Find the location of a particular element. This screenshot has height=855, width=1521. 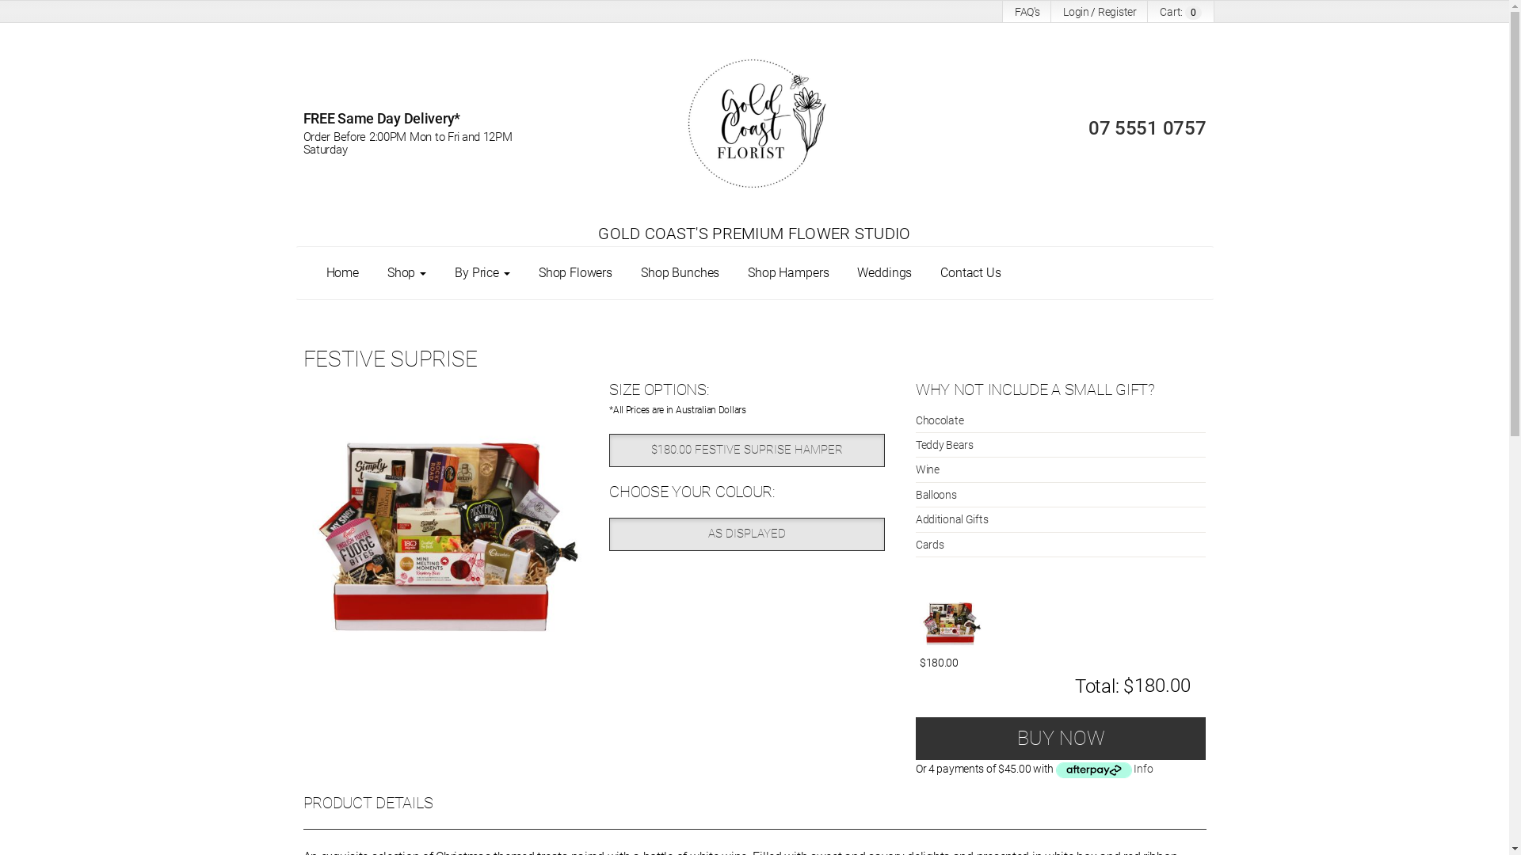

'Cart: 0' is located at coordinates (1180, 12).